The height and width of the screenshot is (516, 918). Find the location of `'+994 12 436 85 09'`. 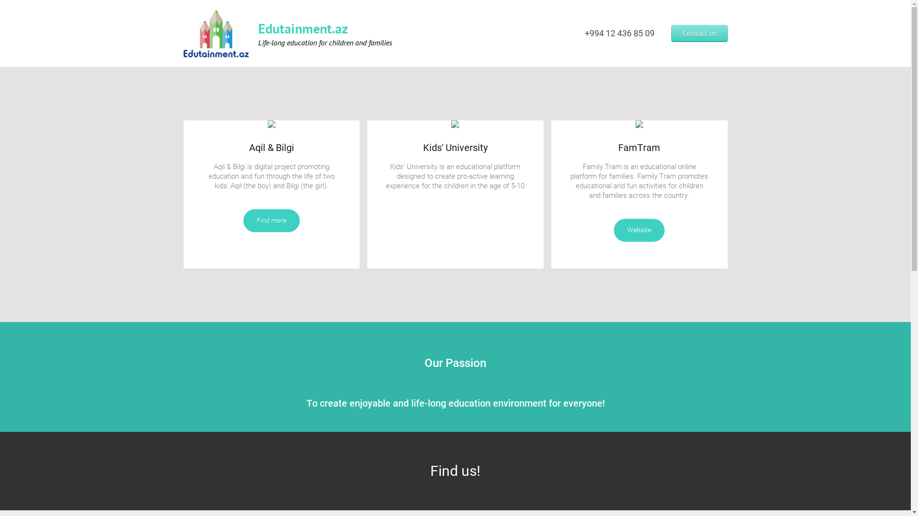

'+994 12 436 85 09' is located at coordinates (619, 32).